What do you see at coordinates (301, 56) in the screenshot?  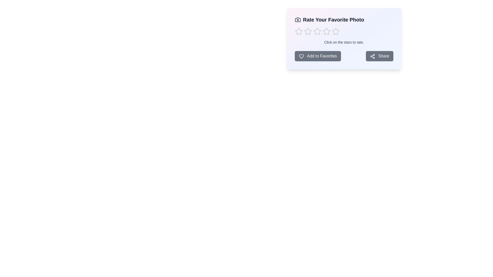 I see `the visual appearance of the heart-shaped icon located at the leftmost part of the 'Add to Favorites' button, which is situated below the star rating section and to the left of the 'Share' button` at bounding box center [301, 56].